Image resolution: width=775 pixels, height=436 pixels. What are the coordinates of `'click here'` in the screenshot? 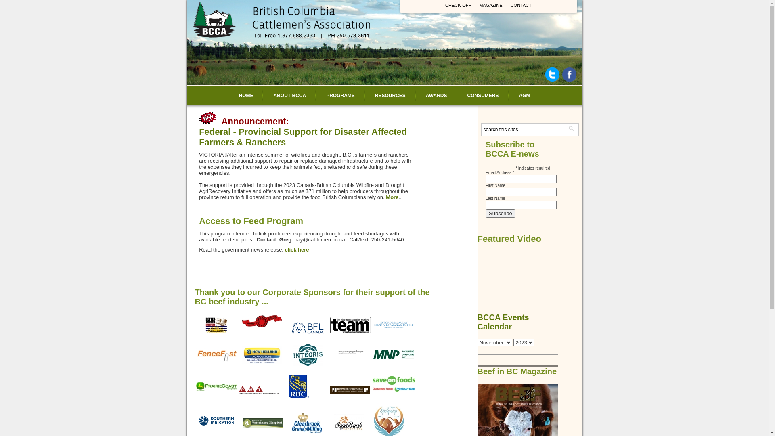 It's located at (296, 249).